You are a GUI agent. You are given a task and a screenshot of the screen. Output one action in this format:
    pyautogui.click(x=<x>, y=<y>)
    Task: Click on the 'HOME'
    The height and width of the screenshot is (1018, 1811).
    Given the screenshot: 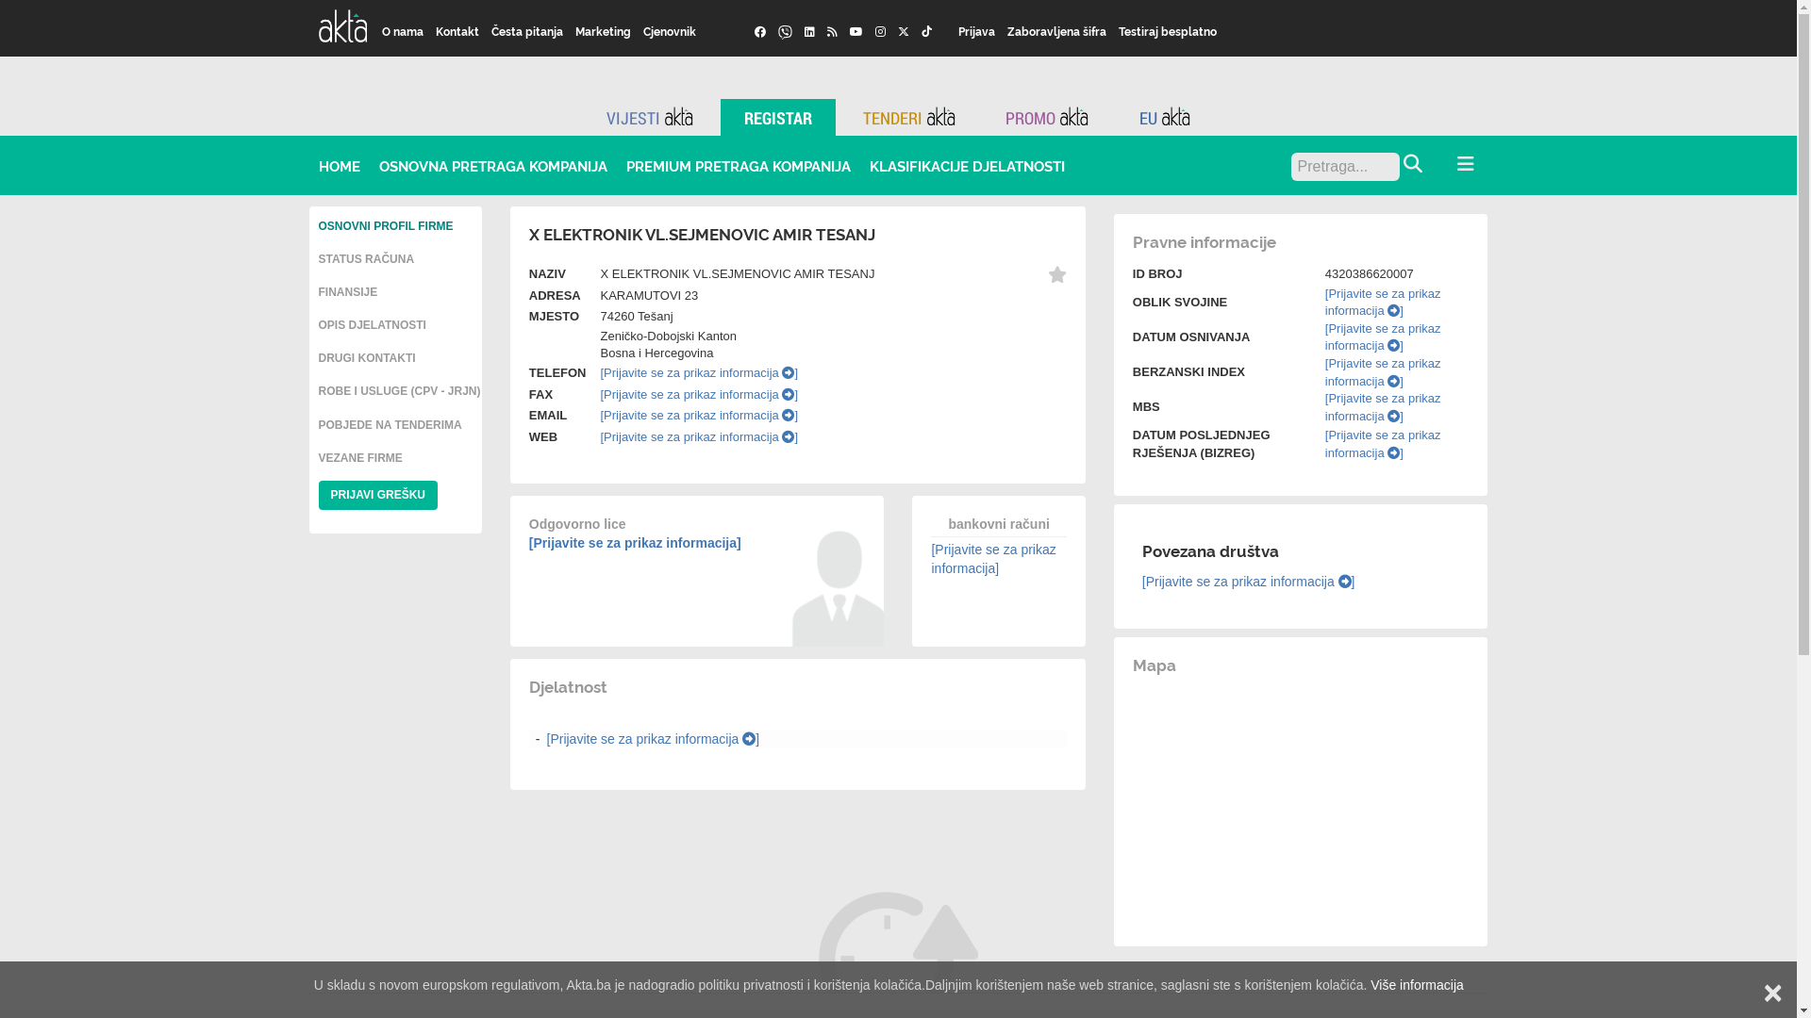 What is the action you would take?
    pyautogui.click(x=340, y=165)
    